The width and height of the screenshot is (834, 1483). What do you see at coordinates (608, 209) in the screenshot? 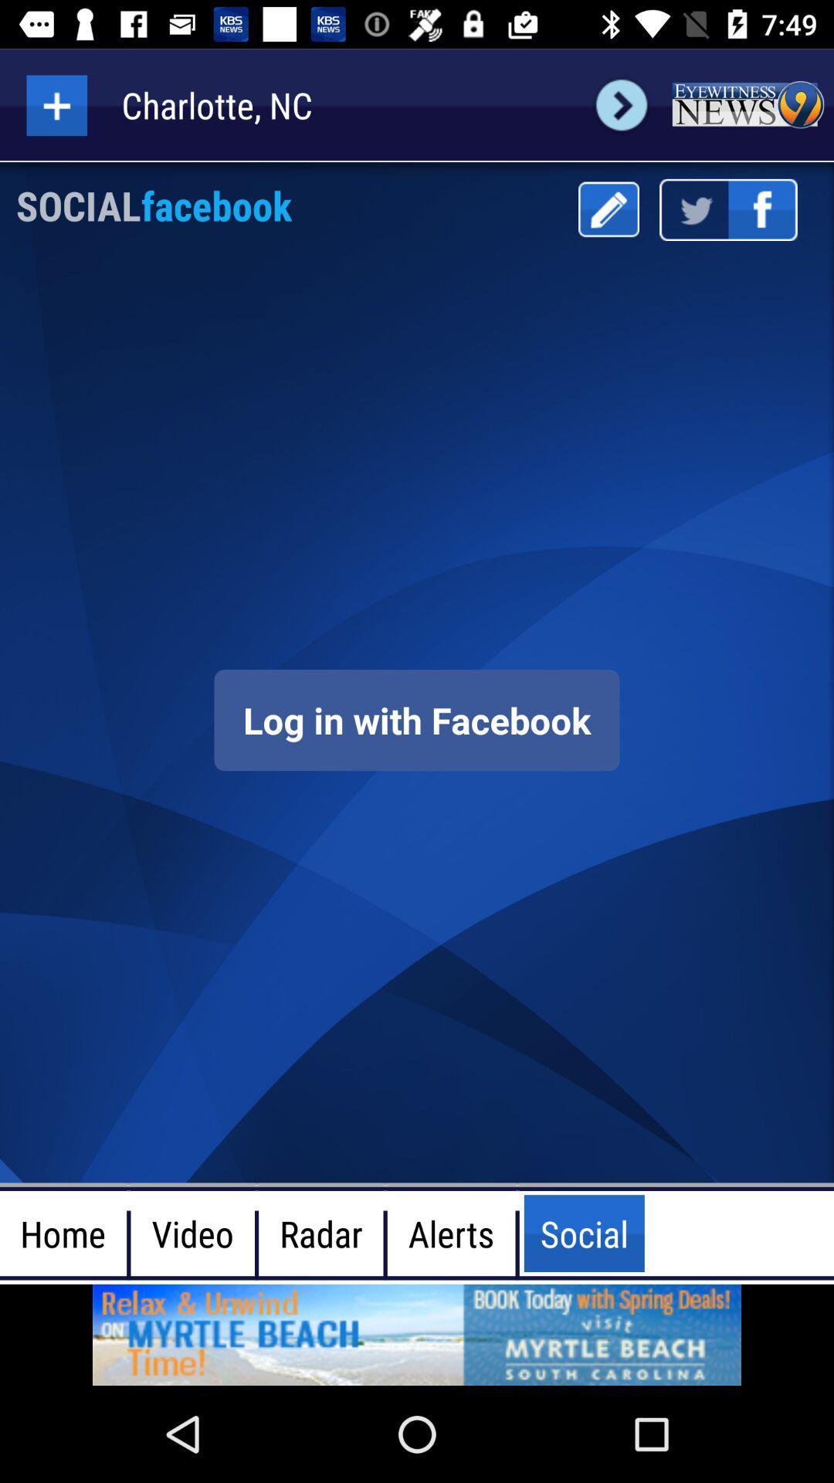
I see `the writing letter is correct range` at bounding box center [608, 209].